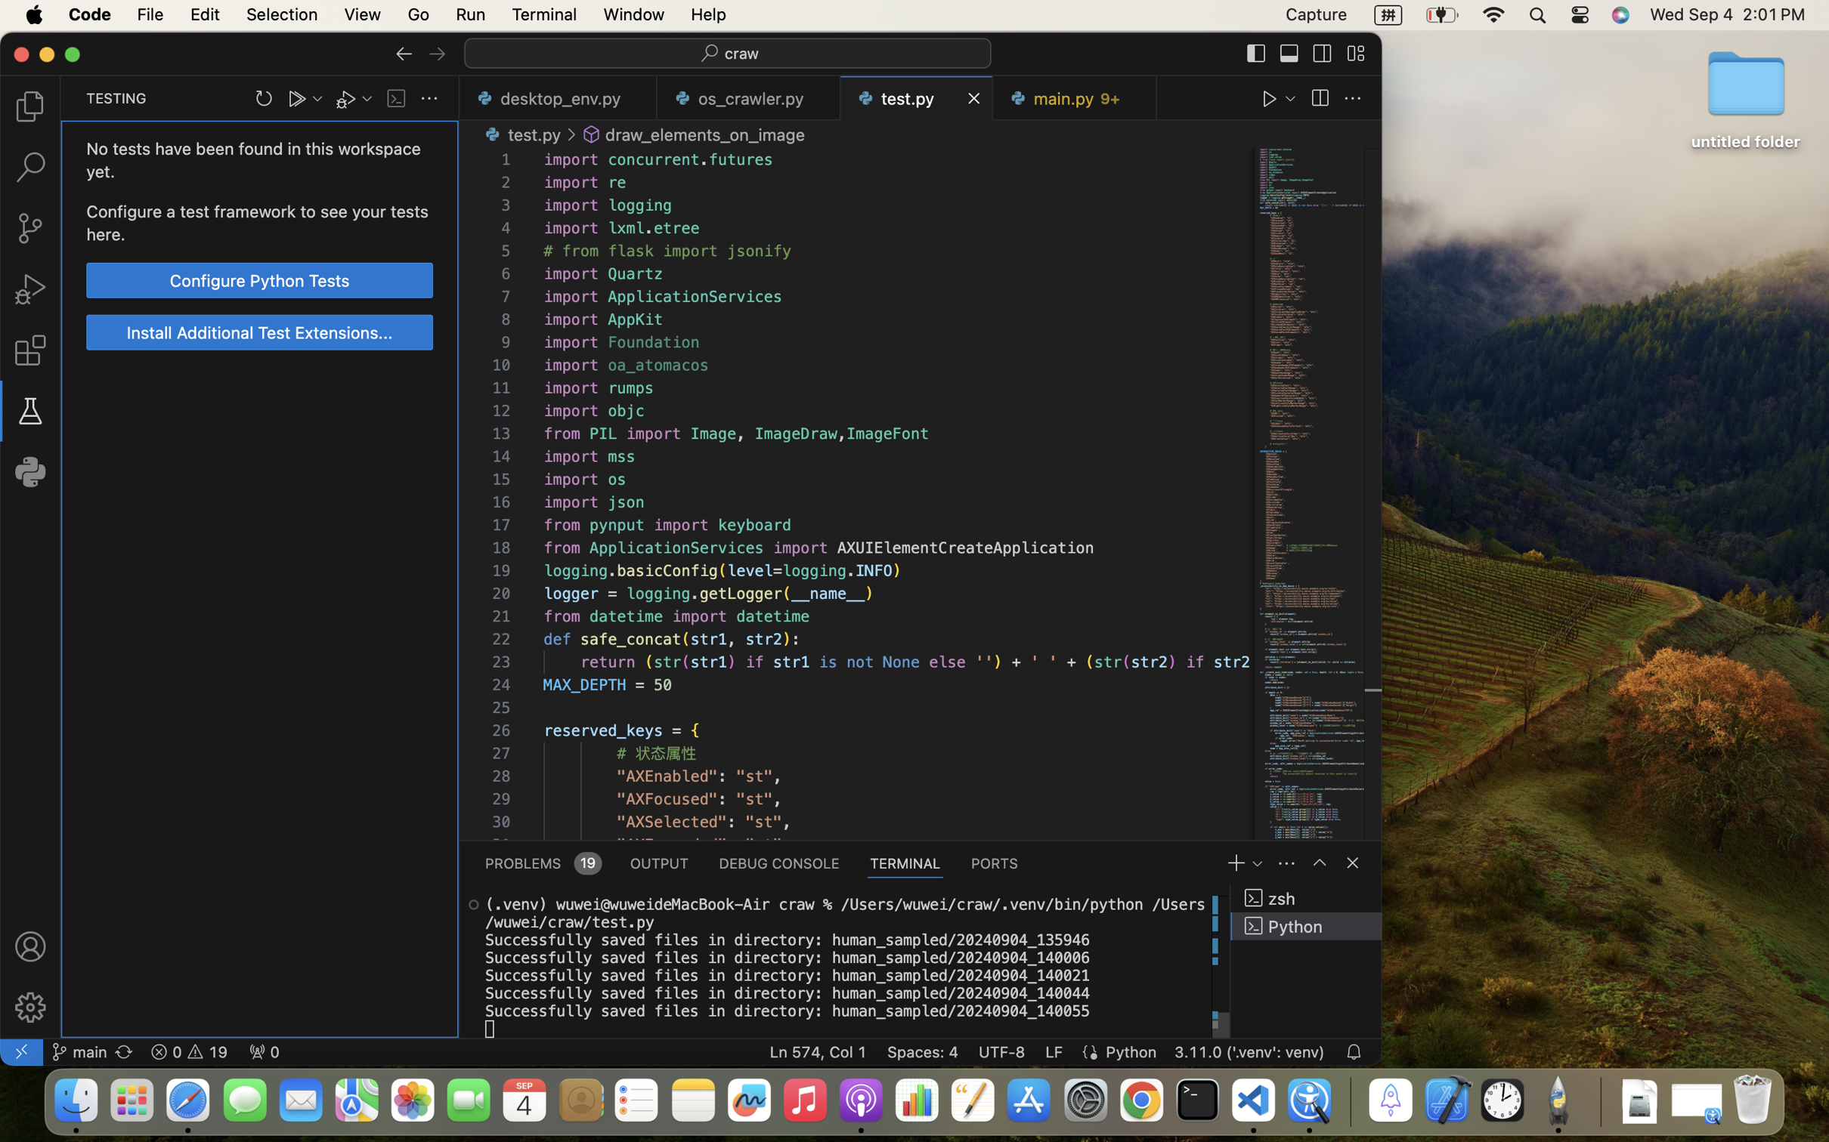  What do you see at coordinates (29, 228) in the screenshot?
I see `'0 '` at bounding box center [29, 228].